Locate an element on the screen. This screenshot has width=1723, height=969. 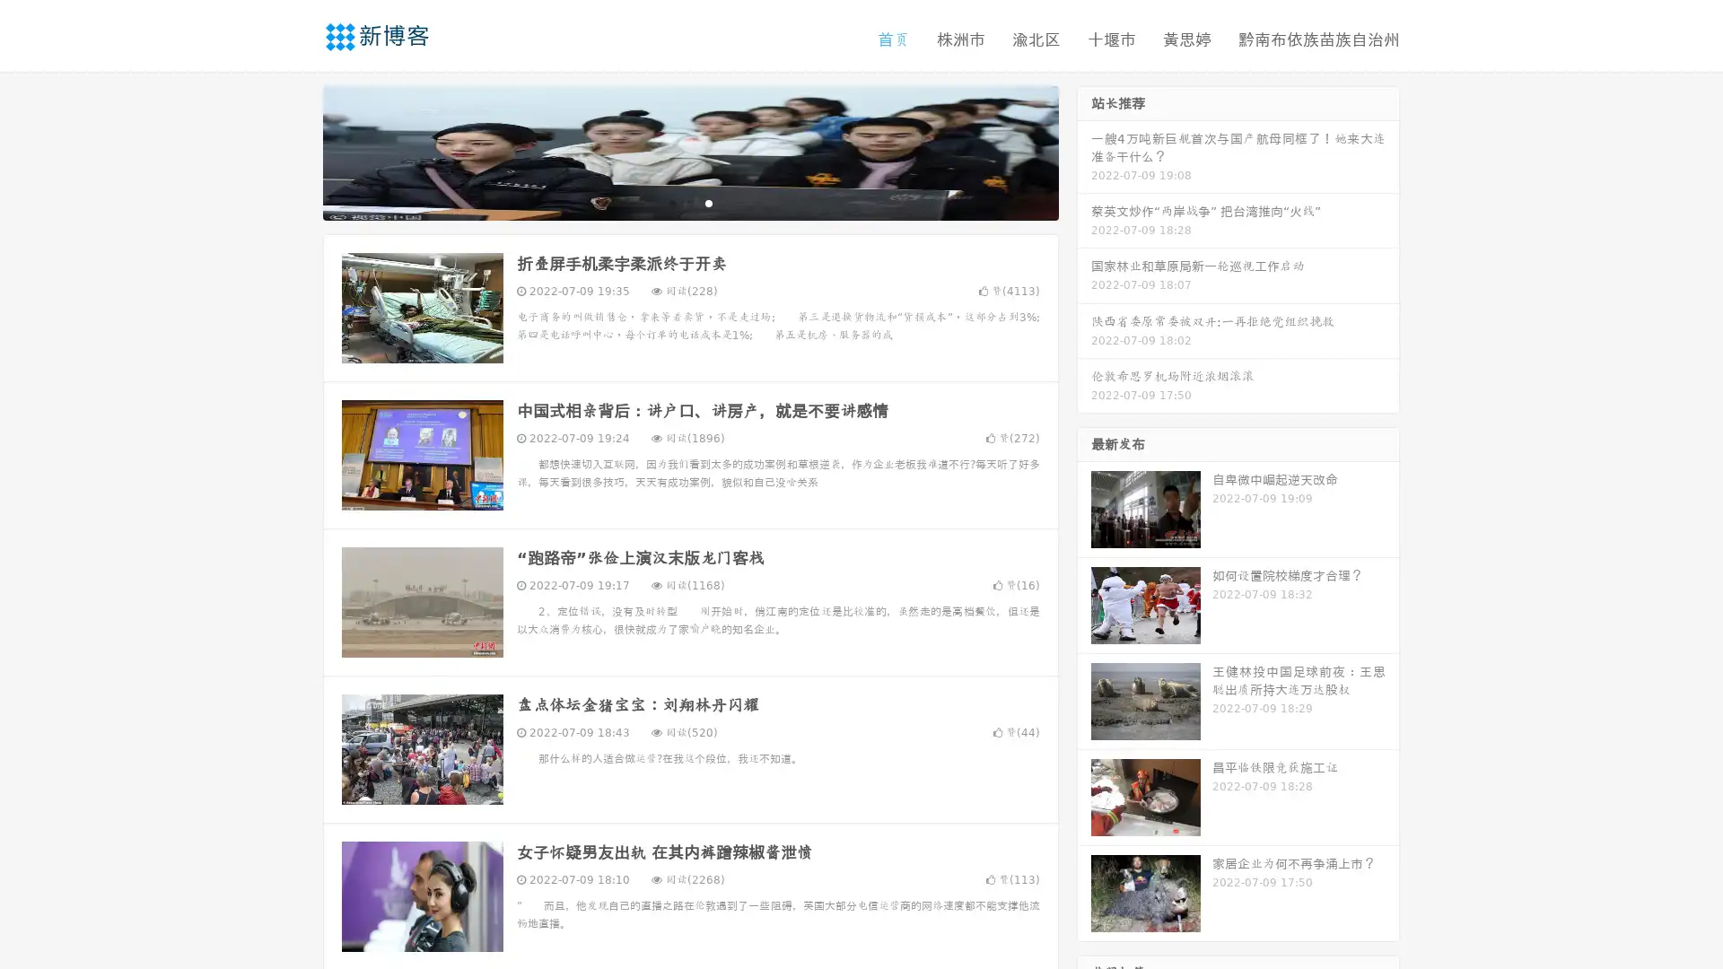
Go to slide 3 is located at coordinates (708, 202).